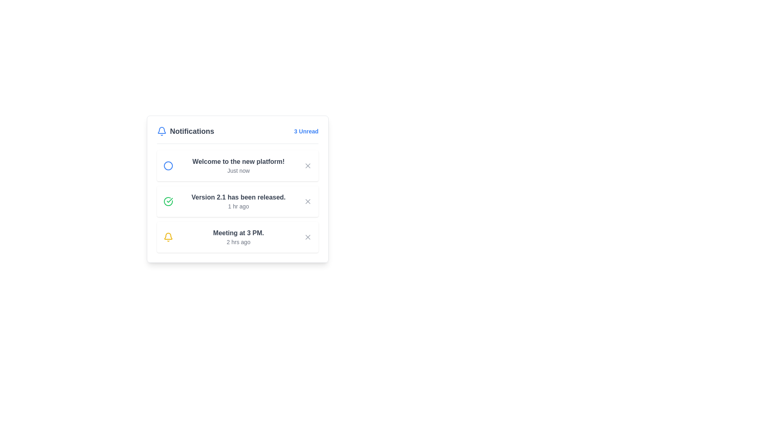  What do you see at coordinates (237, 134) in the screenshot?
I see `the information of the Notifications header bar which contains a bell icon on the left, the text 'Notifications' in the center, and '3 Unread' on the right` at bounding box center [237, 134].